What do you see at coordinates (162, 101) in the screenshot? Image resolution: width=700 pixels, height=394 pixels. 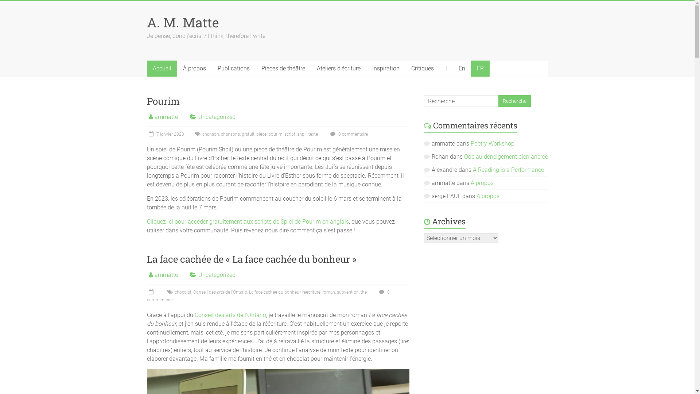 I see `'Pourim'` at bounding box center [162, 101].